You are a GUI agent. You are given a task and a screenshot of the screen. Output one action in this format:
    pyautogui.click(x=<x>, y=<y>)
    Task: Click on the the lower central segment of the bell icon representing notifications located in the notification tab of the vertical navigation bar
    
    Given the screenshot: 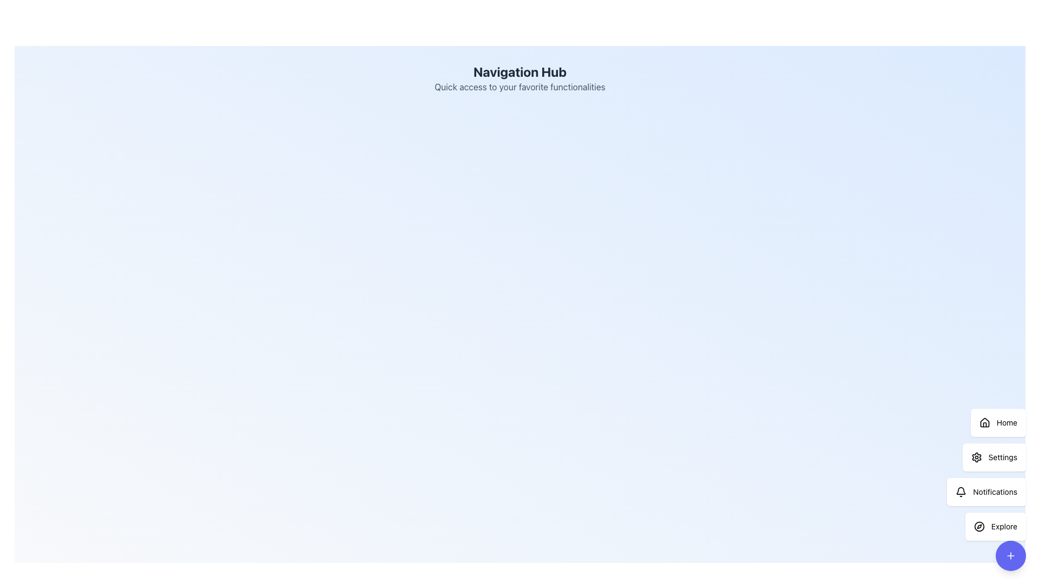 What is the action you would take?
    pyautogui.click(x=961, y=490)
    